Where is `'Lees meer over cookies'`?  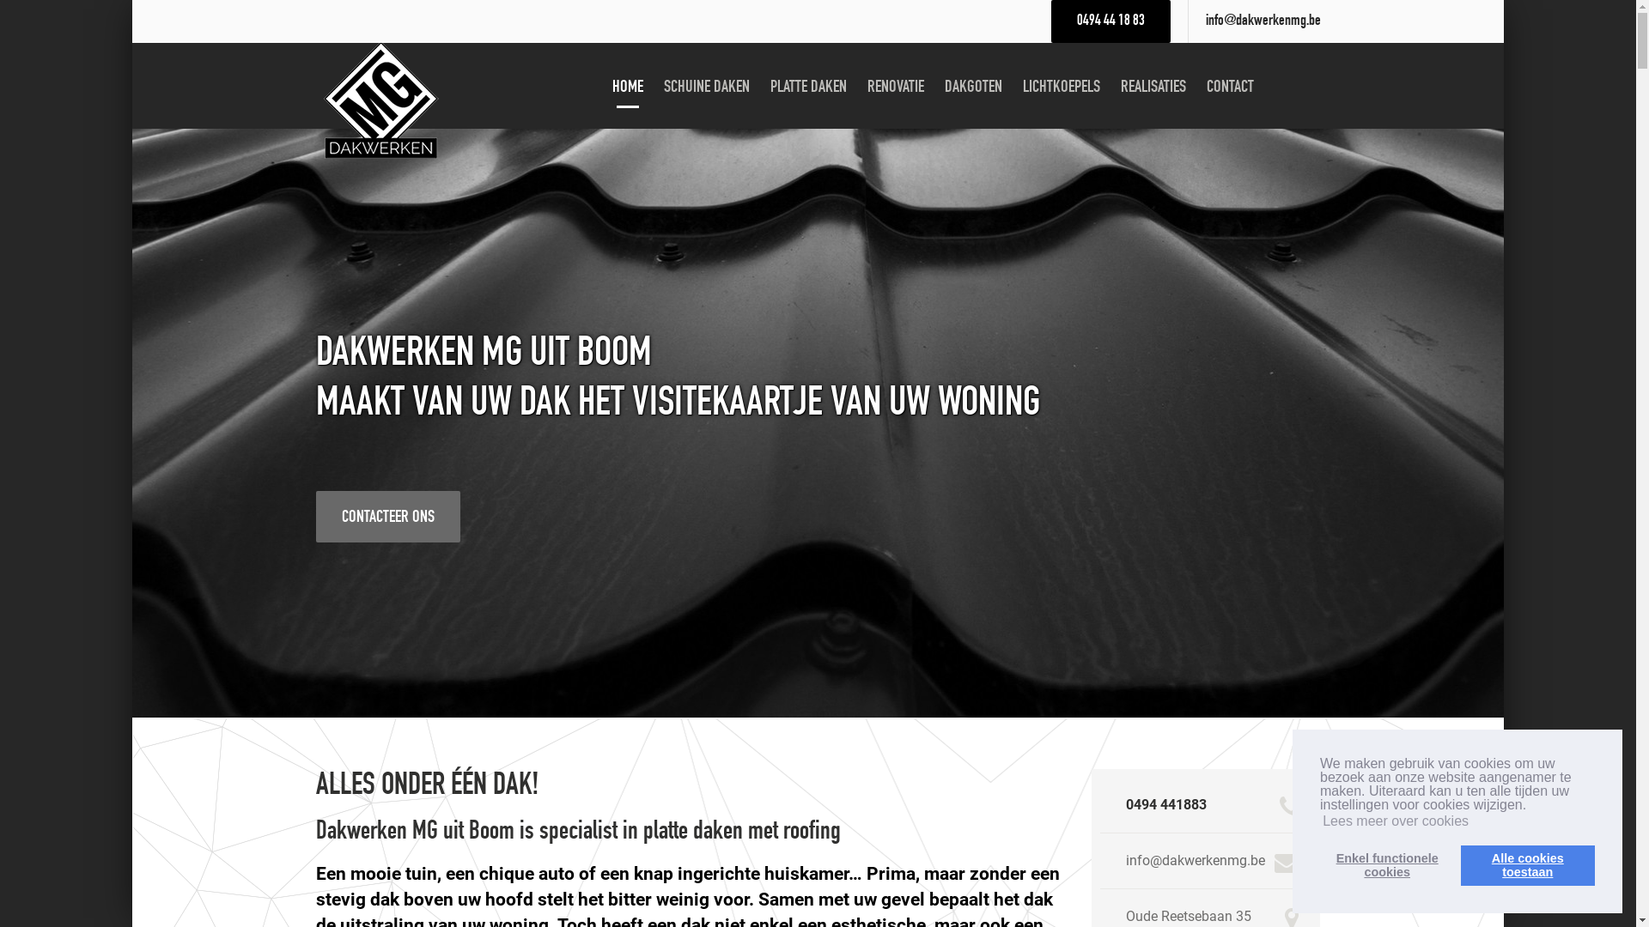 'Lees meer over cookies' is located at coordinates (1396, 820).